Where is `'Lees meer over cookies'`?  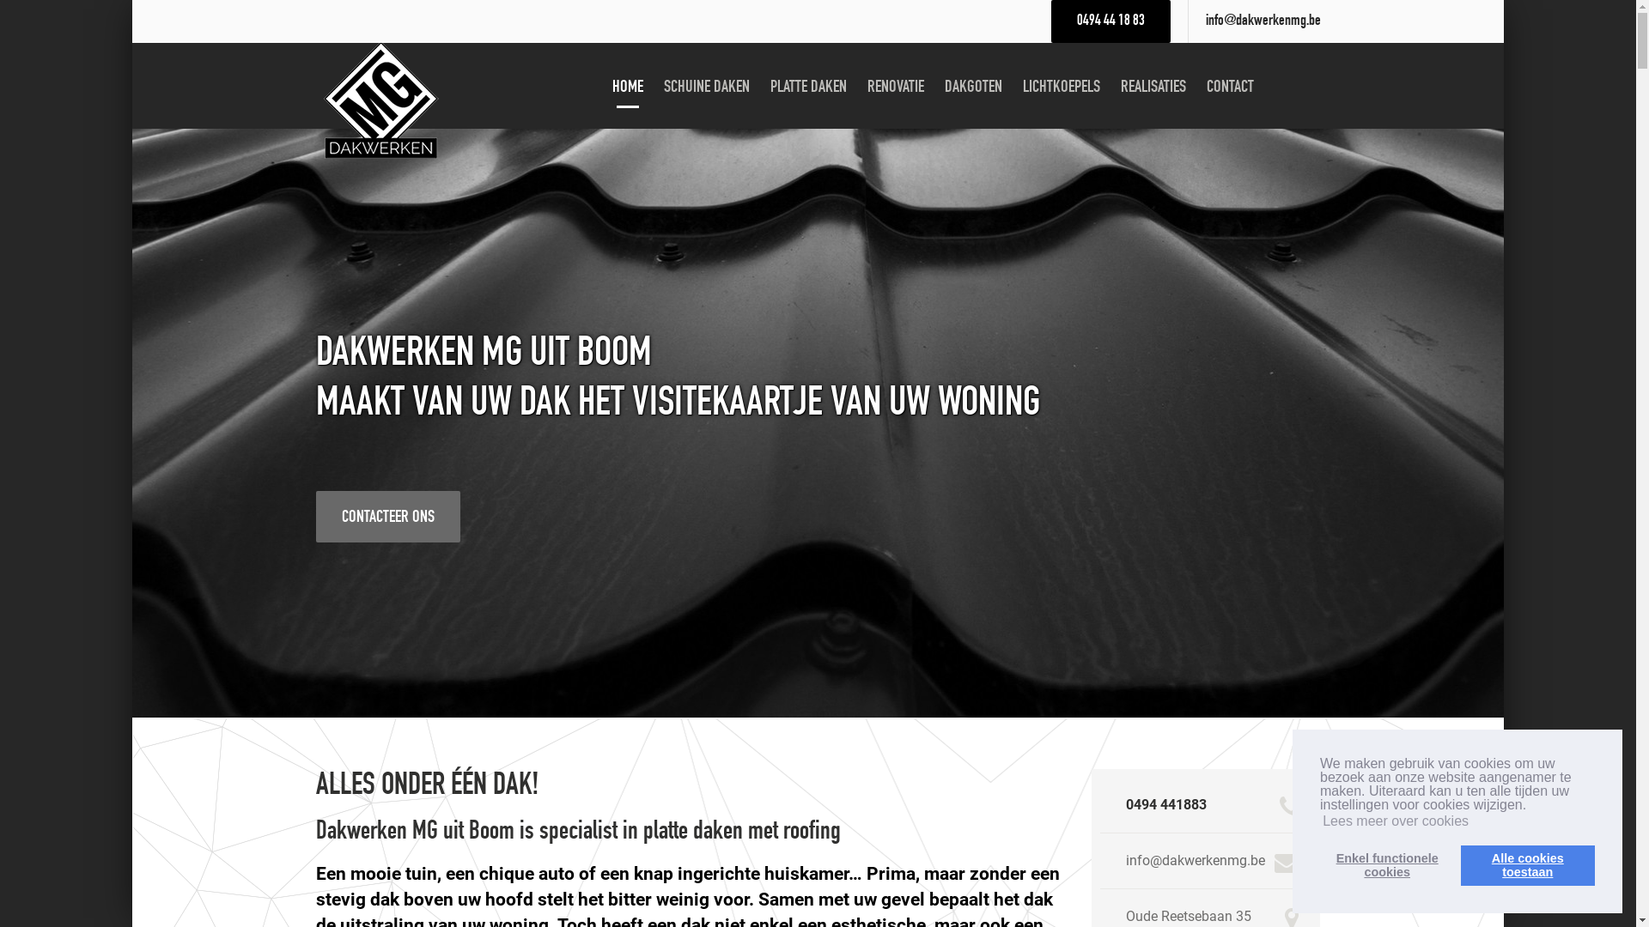 'Lees meer over cookies' is located at coordinates (1396, 820).